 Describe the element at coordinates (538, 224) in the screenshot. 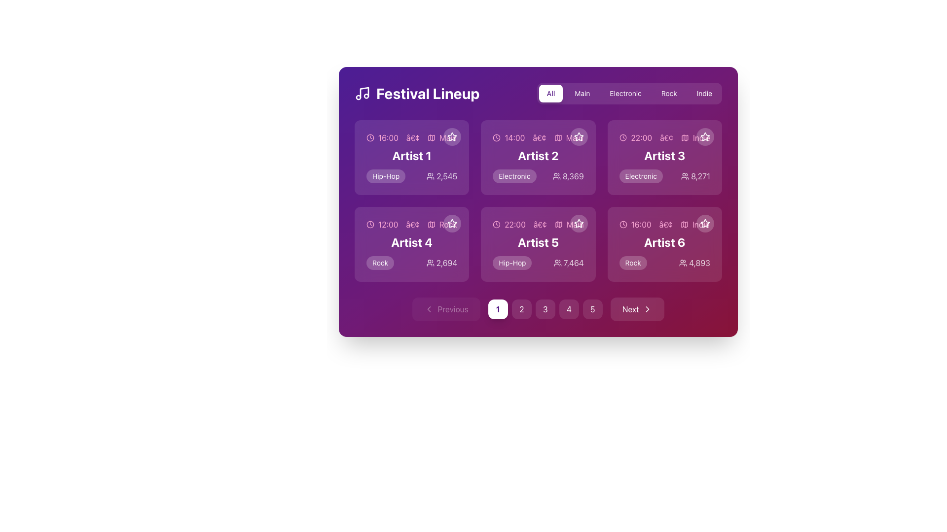

I see `text and observe the icons of the informational label related to 'Artist 5' in the second row and third column, which provides details about the performance schedule and location` at that location.